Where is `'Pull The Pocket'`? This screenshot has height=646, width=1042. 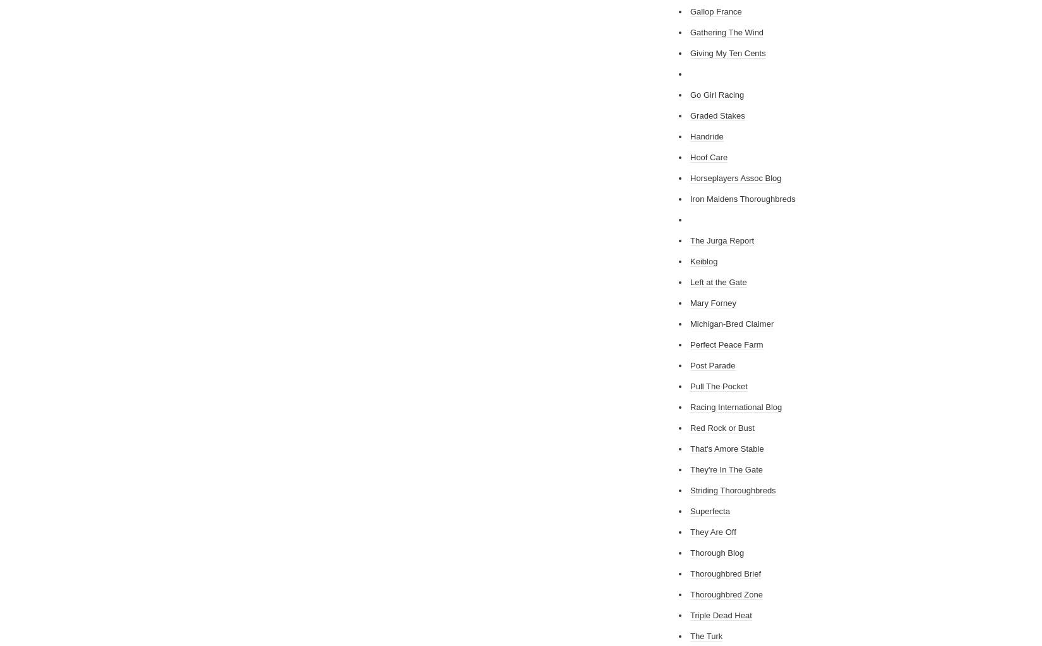
'Pull The Pocket' is located at coordinates (719, 386).